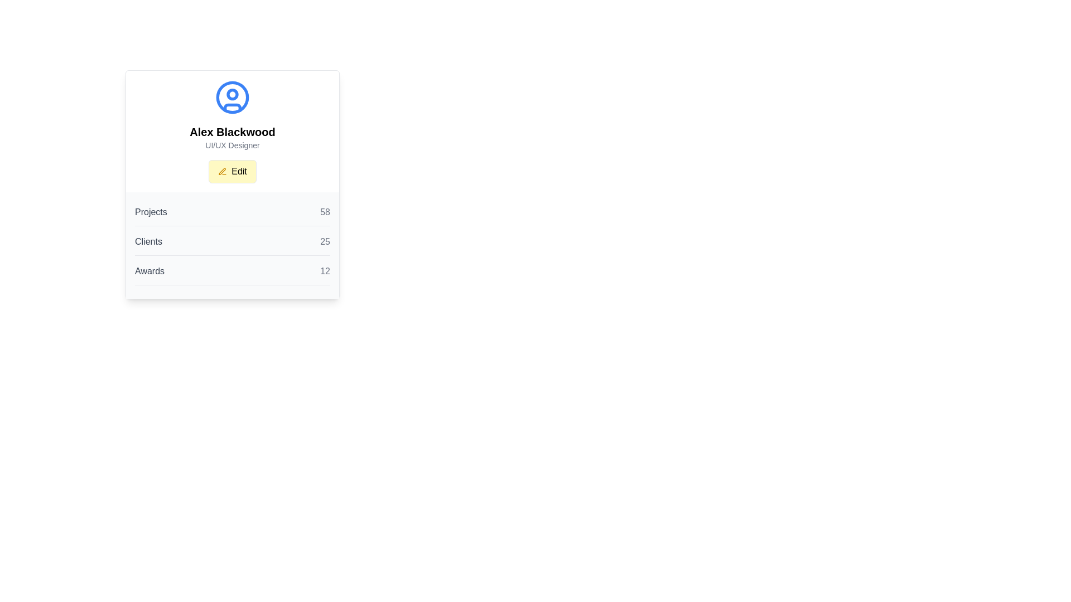 The image size is (1071, 602). What do you see at coordinates (149, 271) in the screenshot?
I see `the 'Awards' text label` at bounding box center [149, 271].